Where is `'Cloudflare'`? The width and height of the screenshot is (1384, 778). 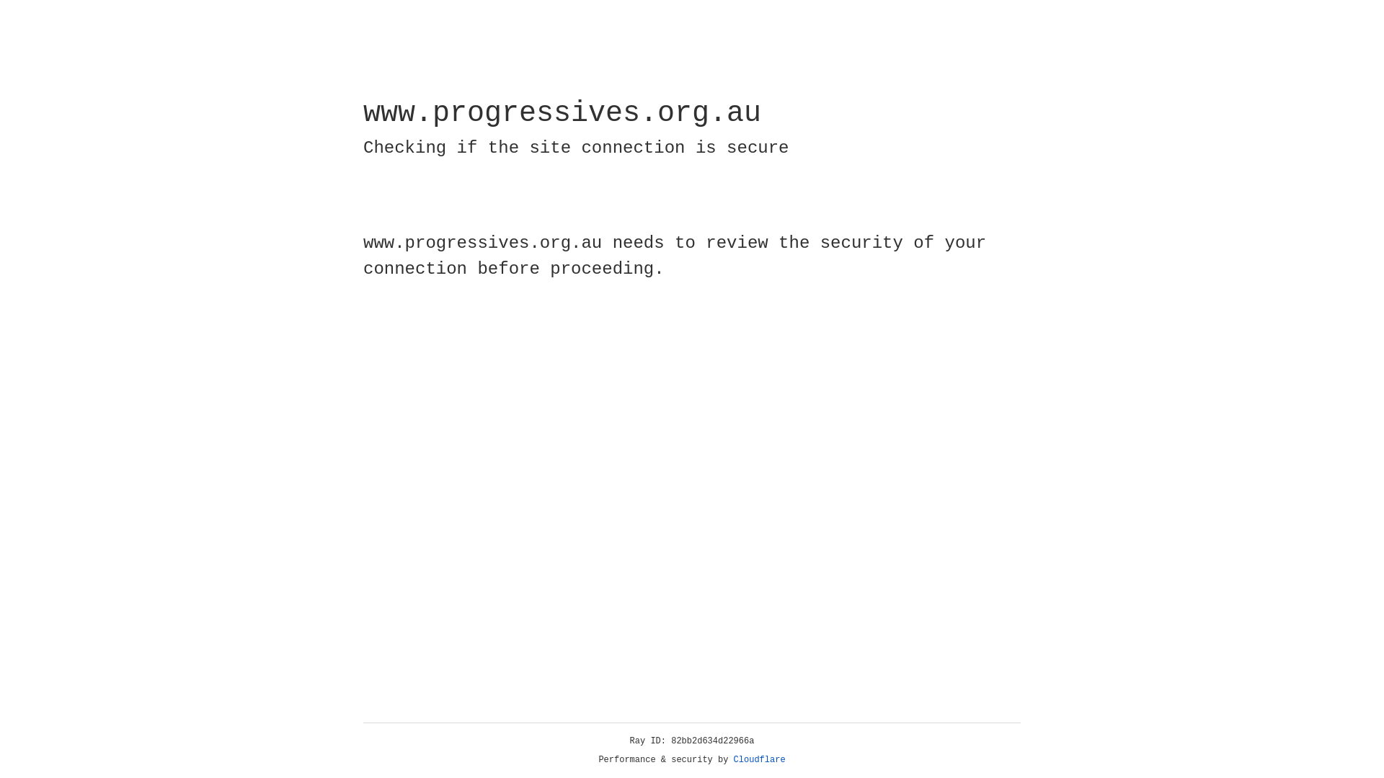
'Cloudflare' is located at coordinates (759, 759).